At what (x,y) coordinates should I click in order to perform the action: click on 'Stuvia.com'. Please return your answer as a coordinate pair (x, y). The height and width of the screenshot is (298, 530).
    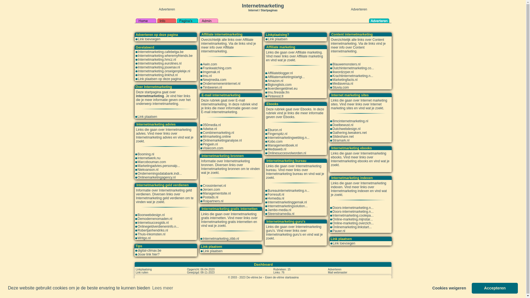
    Looking at the image, I should click on (340, 87).